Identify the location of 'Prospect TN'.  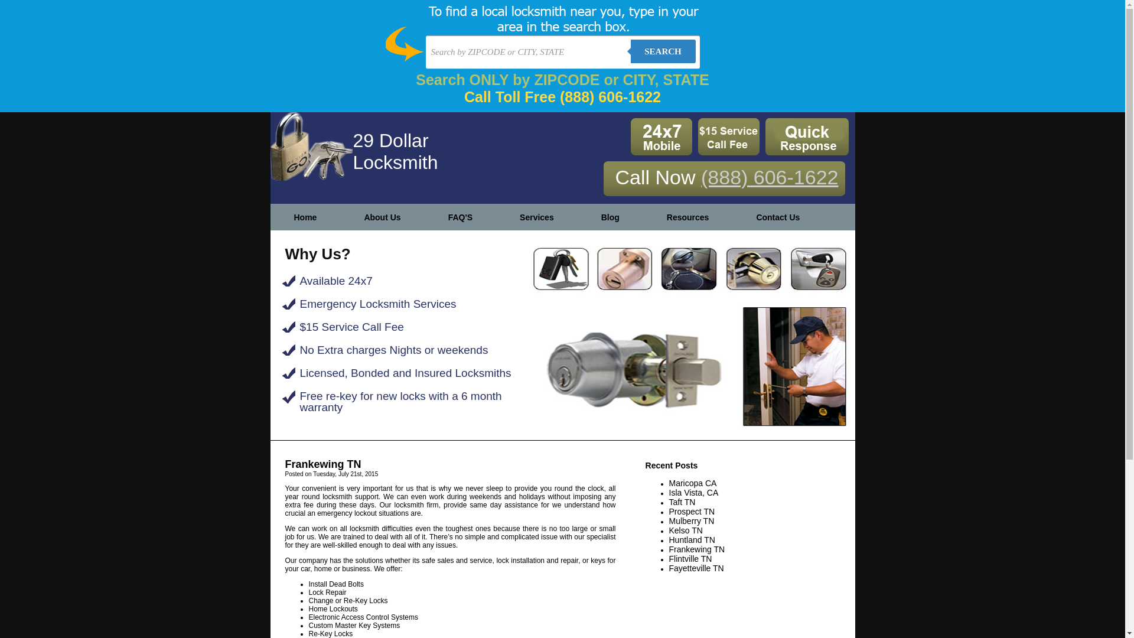
(692, 511).